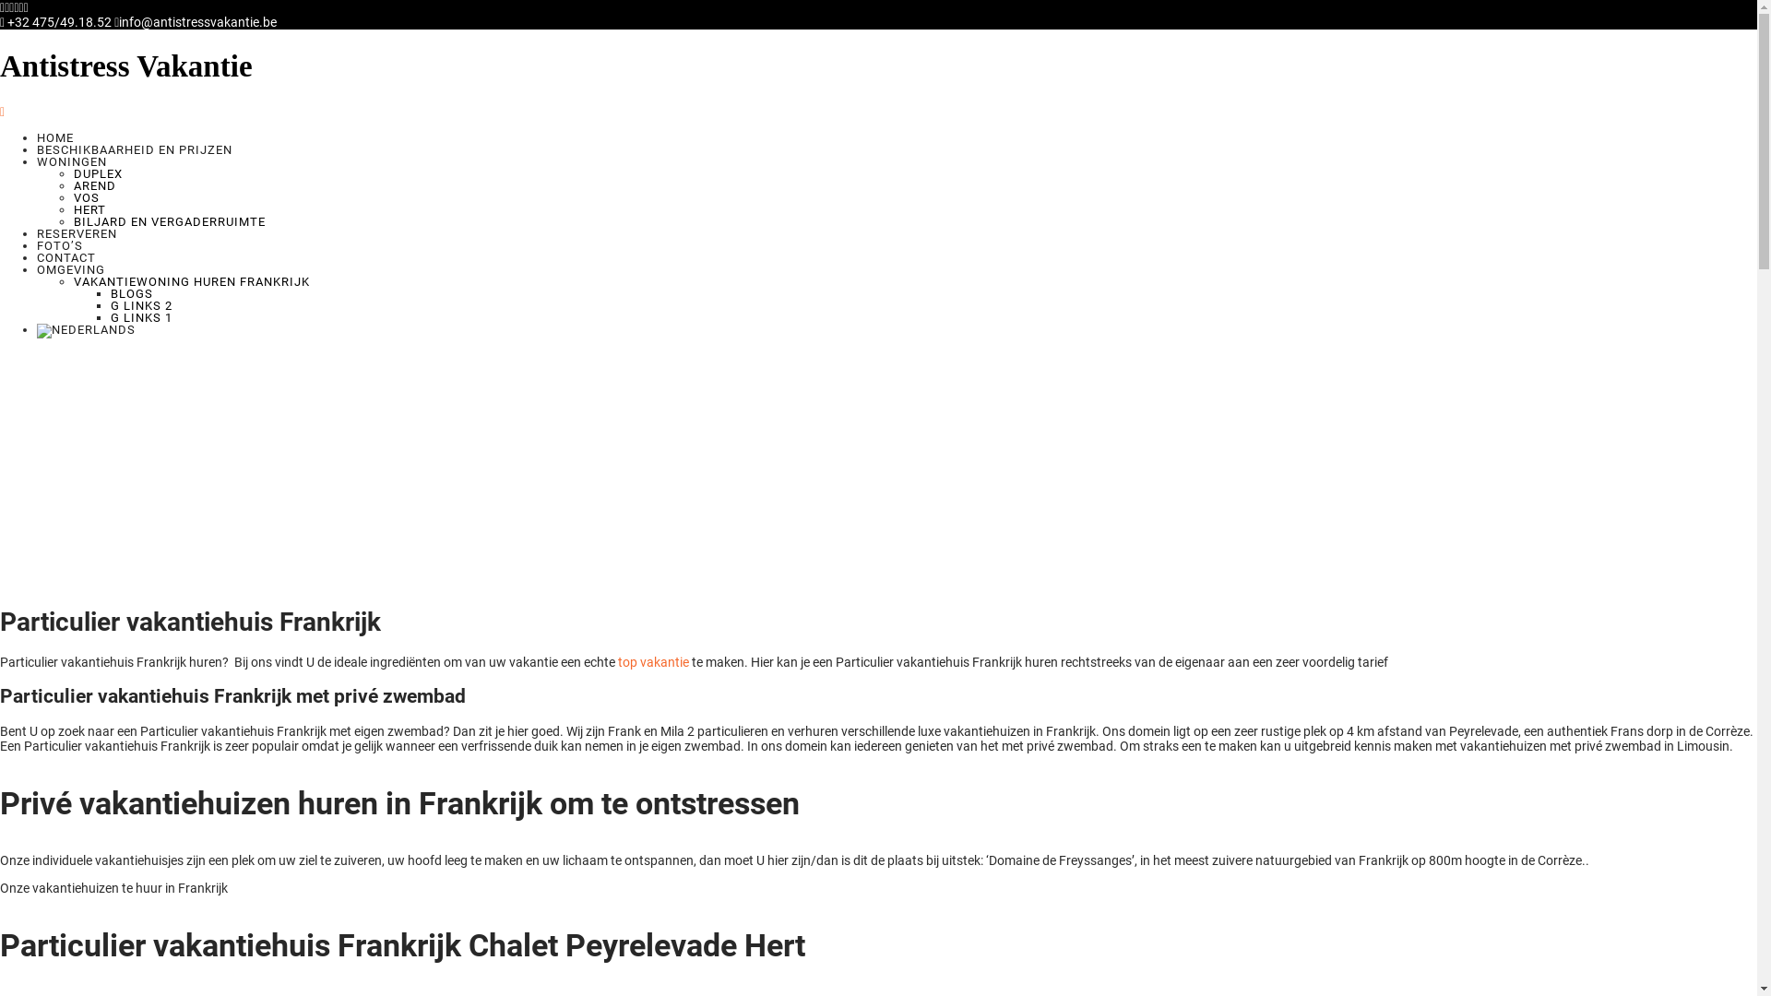  What do you see at coordinates (36, 148) in the screenshot?
I see `'BESCHIKBAARHEID EN PRIJZEN'` at bounding box center [36, 148].